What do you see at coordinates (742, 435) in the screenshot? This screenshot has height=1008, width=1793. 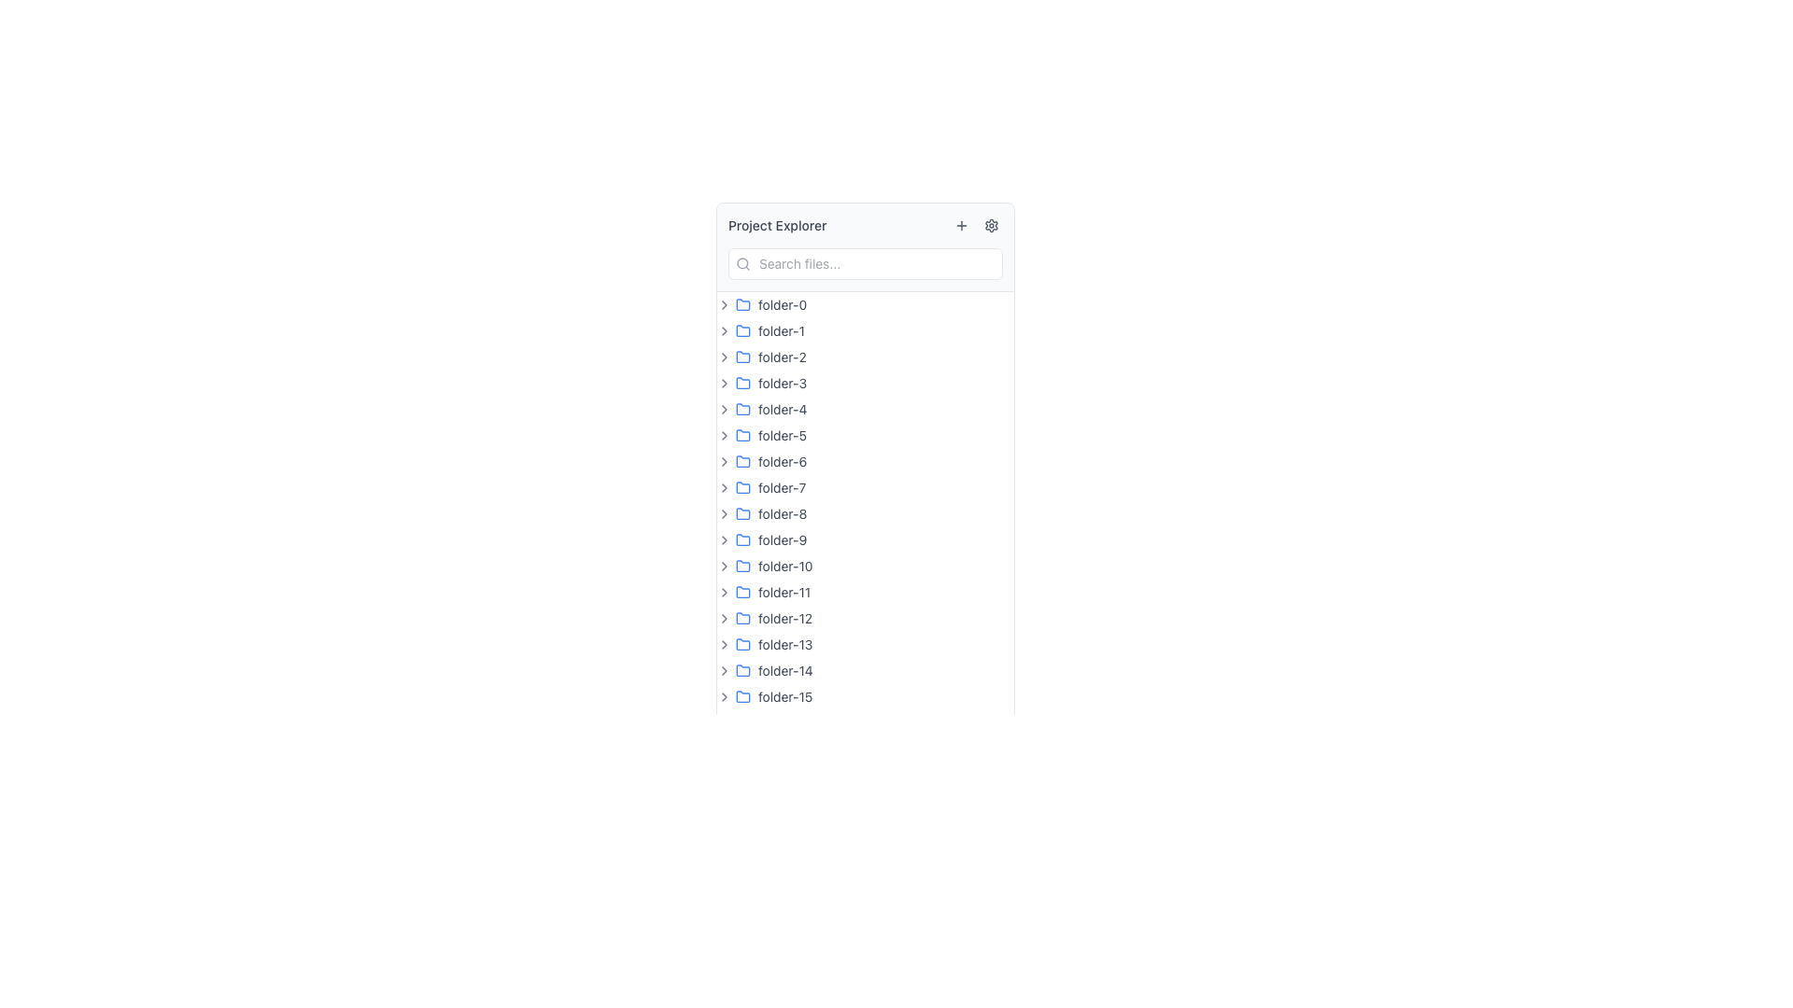 I see `the blue outline folder icon representing 'folder-5' in the Project Explorer` at bounding box center [742, 435].